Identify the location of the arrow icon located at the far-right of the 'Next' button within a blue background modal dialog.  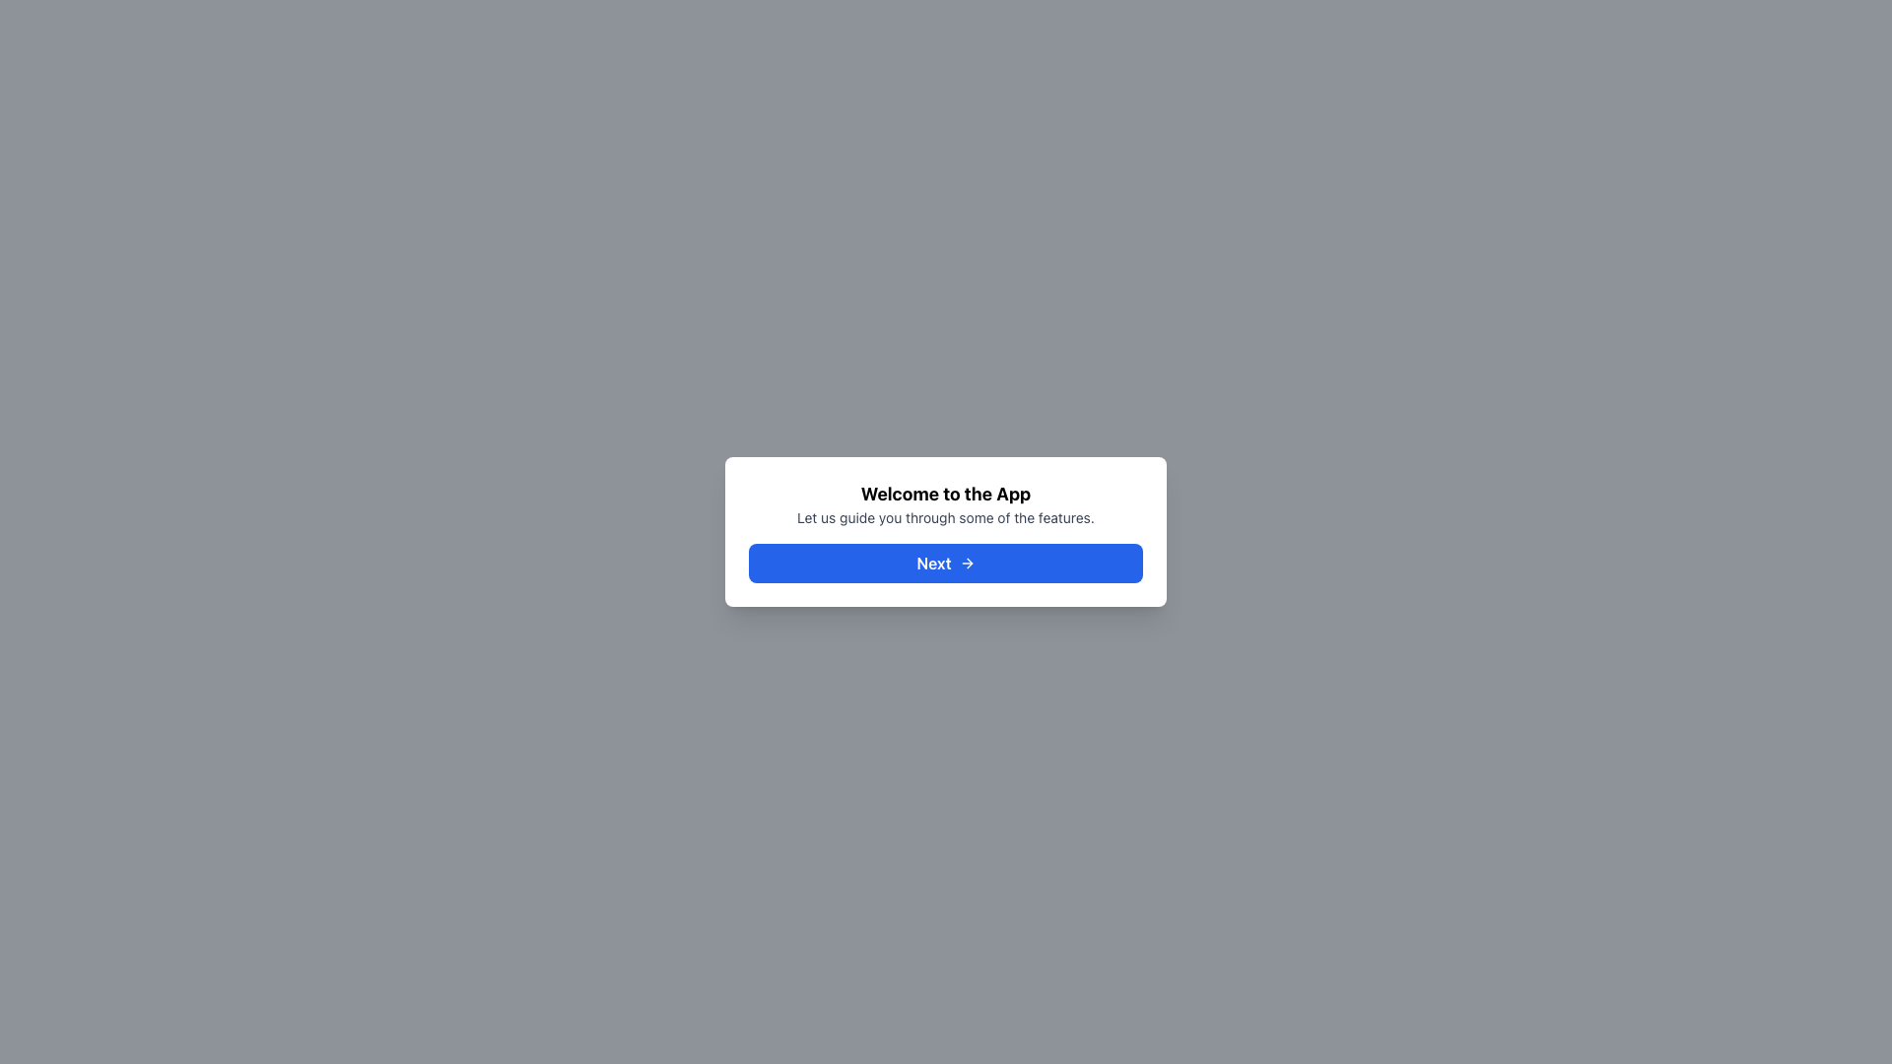
(967, 563).